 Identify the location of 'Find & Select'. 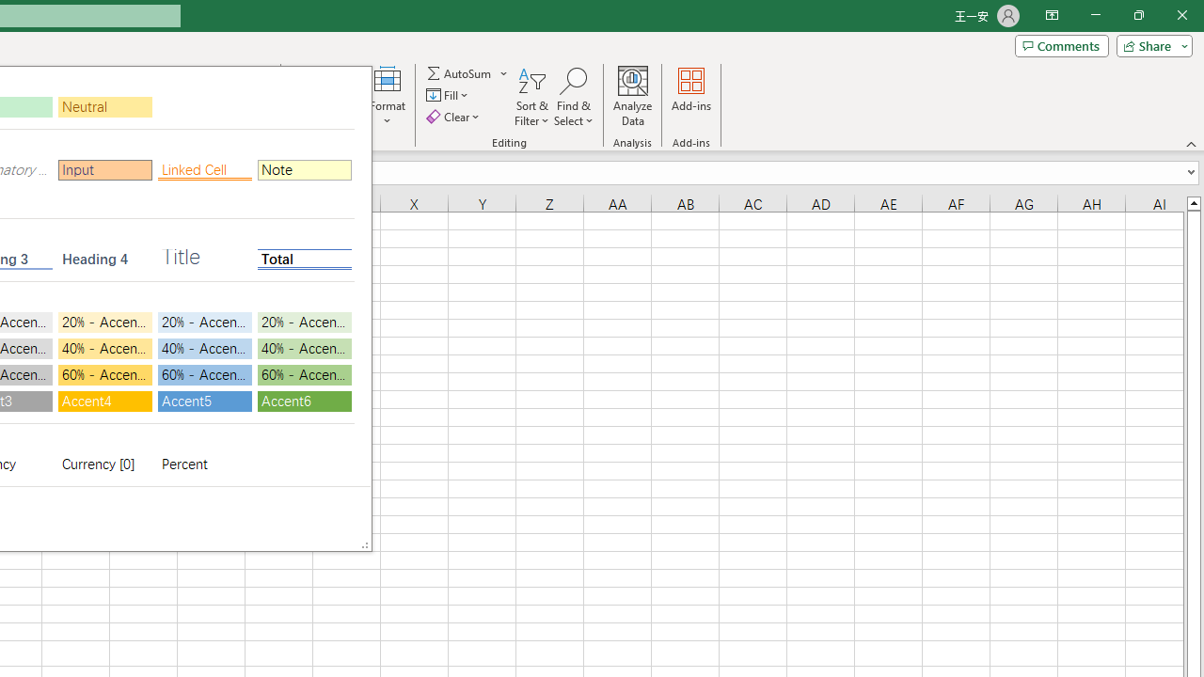
(573, 97).